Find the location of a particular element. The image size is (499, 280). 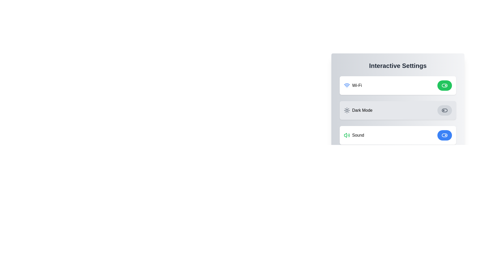

the 'Sound' toggle switch component, which is styled using an SVG graphical interface is located at coordinates (444, 135).